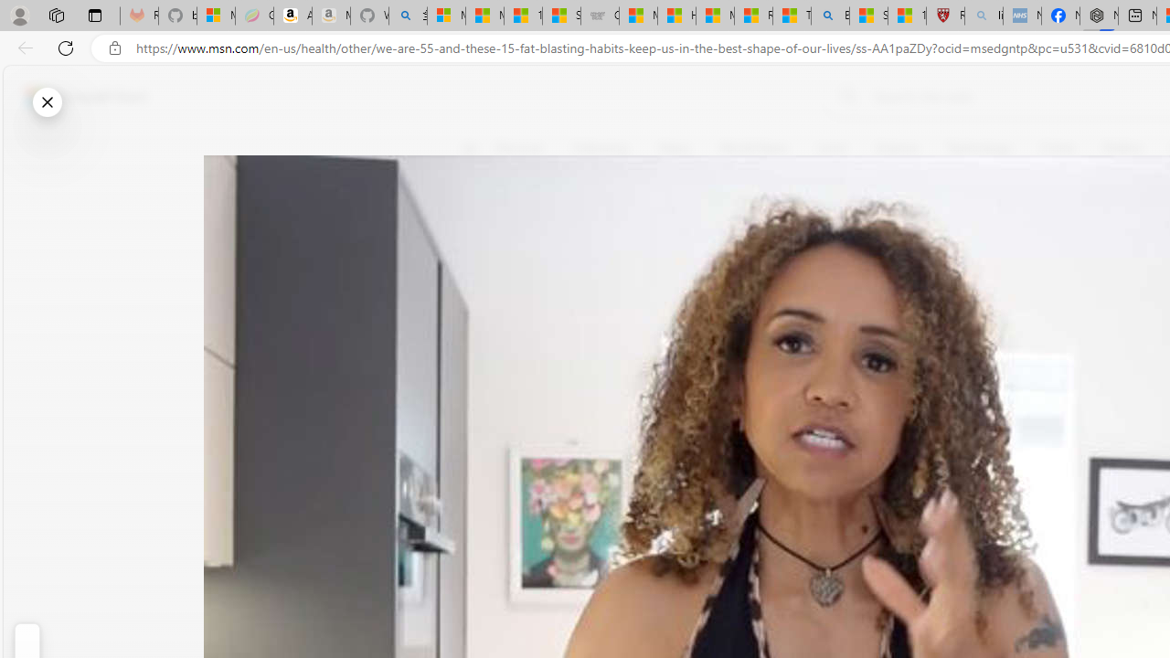  I want to click on 'Combat Siege', so click(600, 16).